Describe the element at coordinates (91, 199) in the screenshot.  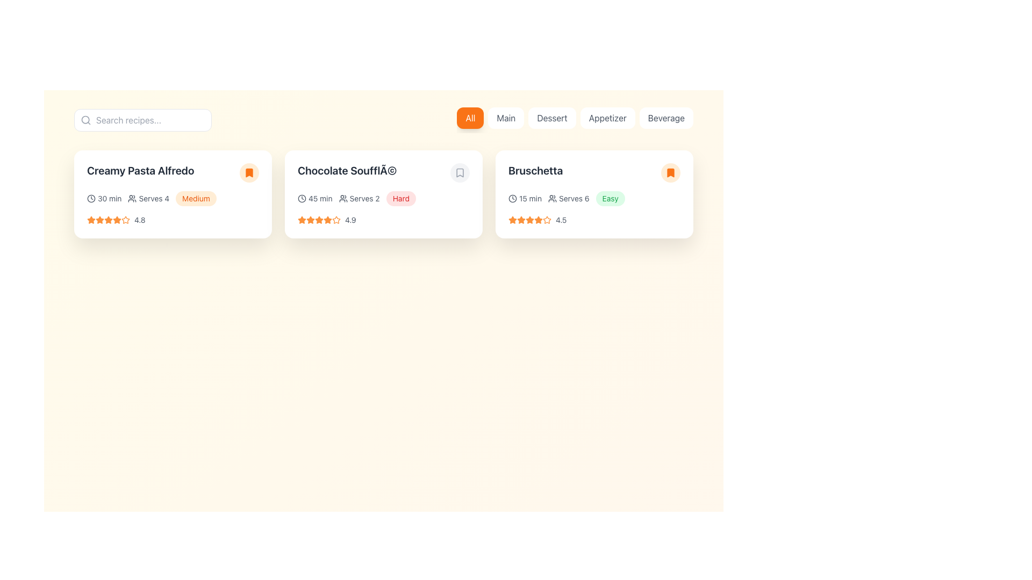
I see `outer circular part of the clock-like icon for 'Creamy Pasta Alfredo' to identify its relations` at that location.